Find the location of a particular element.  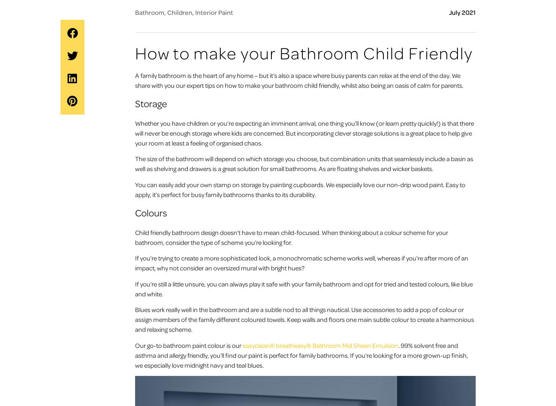

'Our go-to bathroom paint colour is our' is located at coordinates (188, 344).